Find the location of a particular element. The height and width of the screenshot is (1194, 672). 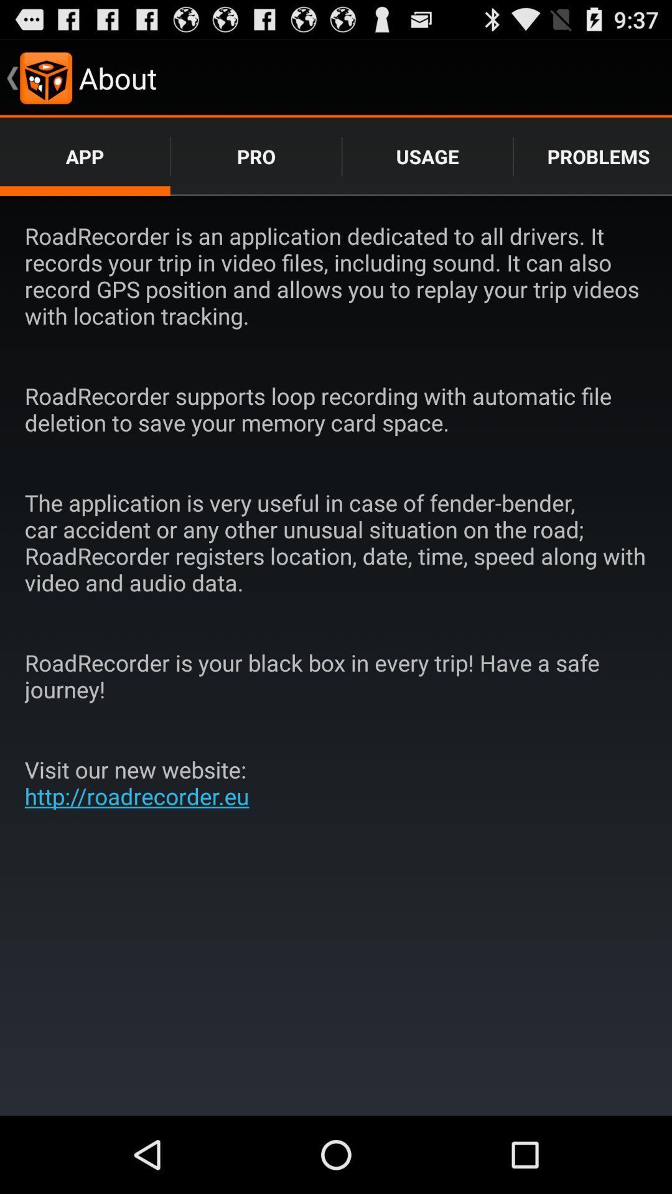

the visit our new app is located at coordinates (141, 782).